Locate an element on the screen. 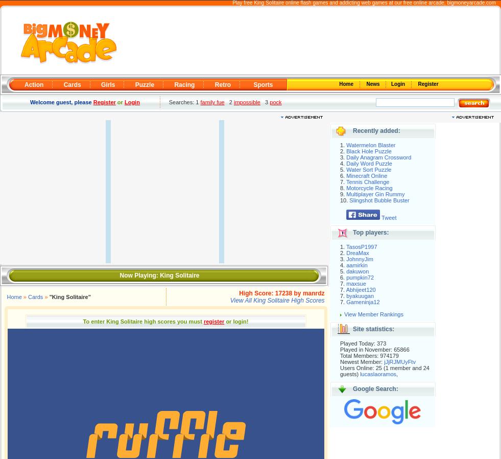 Image resolution: width=501 pixels, height=459 pixels. 'King Solitaire' is located at coordinates (179, 274).